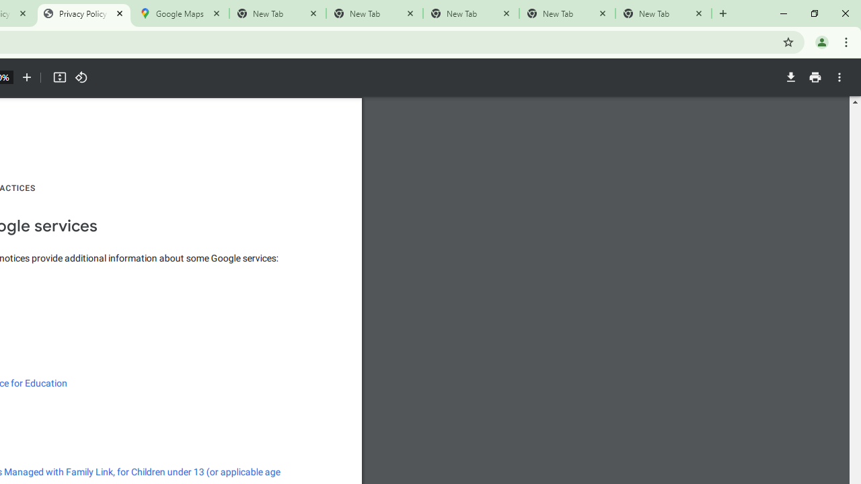 The image size is (861, 484). Describe the element at coordinates (790, 77) in the screenshot. I see `'Download'` at that location.